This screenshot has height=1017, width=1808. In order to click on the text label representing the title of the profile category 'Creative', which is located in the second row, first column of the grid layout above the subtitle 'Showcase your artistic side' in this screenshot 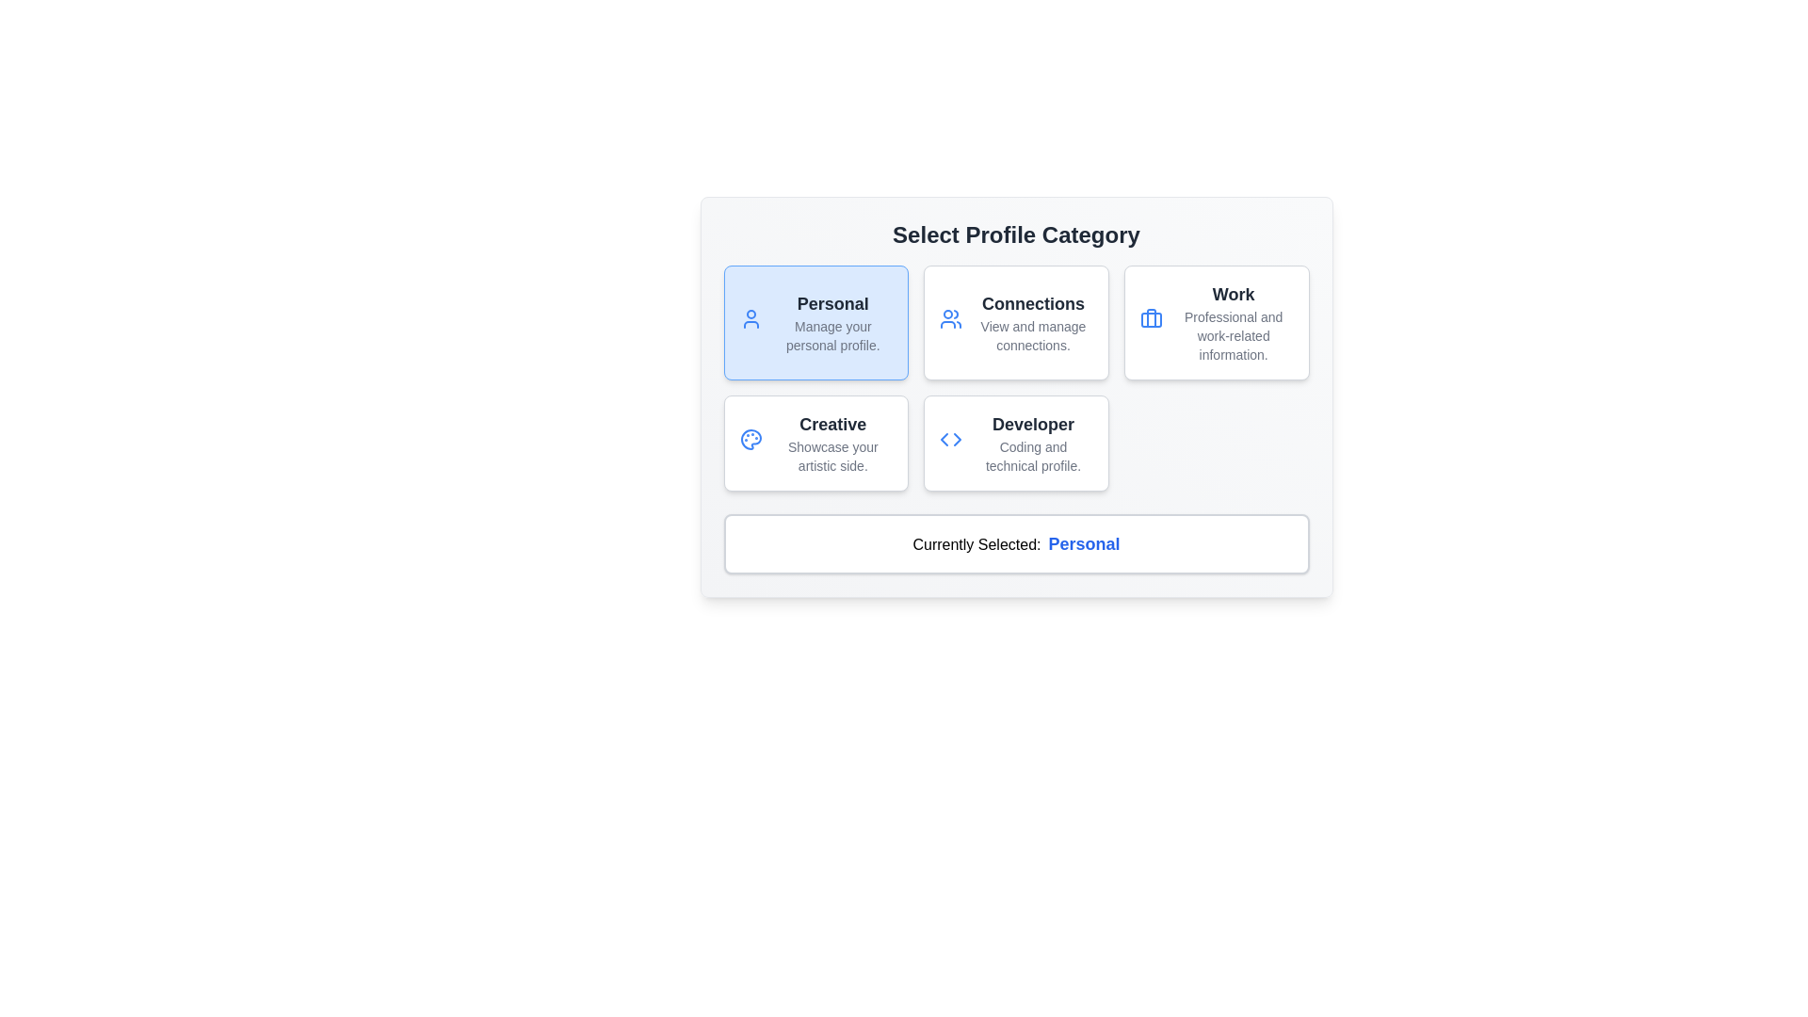, I will do `click(831, 425)`.